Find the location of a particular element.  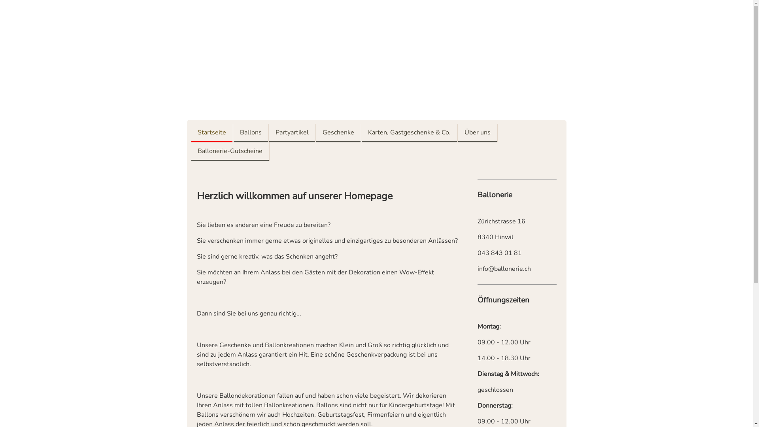

'Ballons' is located at coordinates (250, 132).